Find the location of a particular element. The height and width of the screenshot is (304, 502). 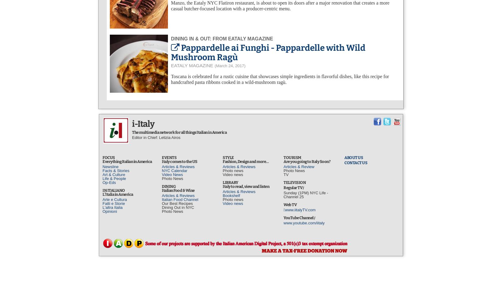

'Regular TV' is located at coordinates (294, 187).